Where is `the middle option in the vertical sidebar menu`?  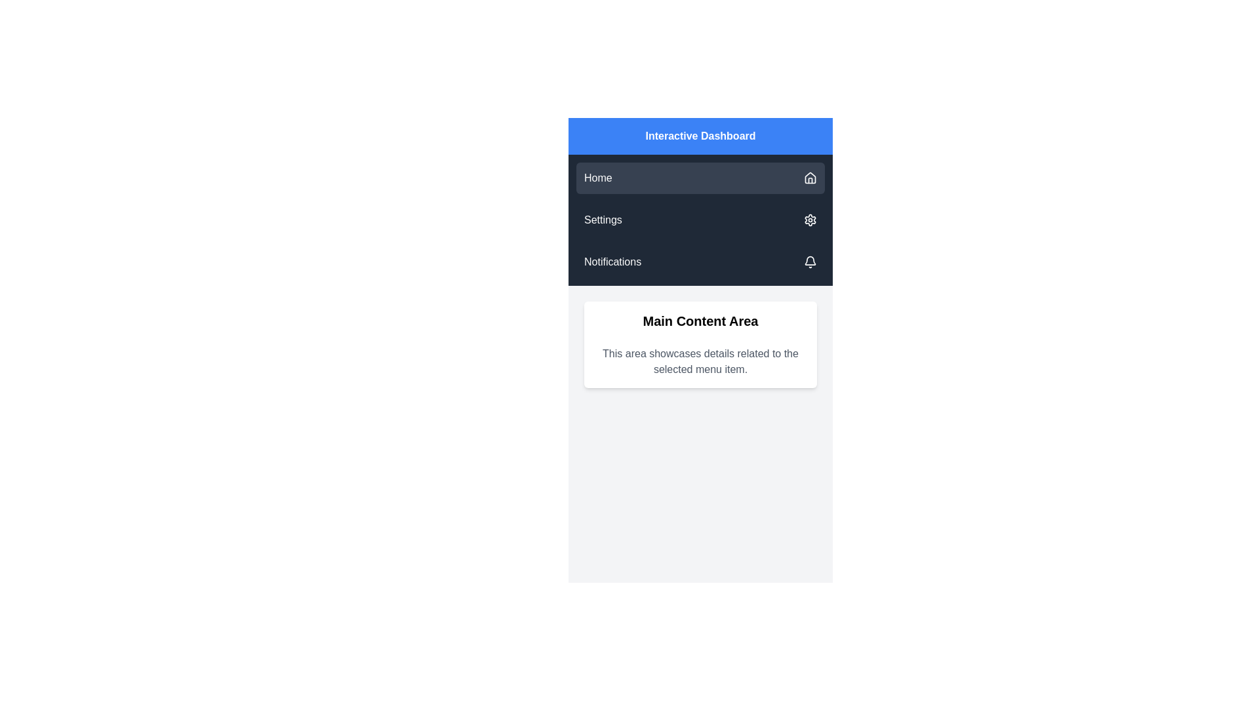 the middle option in the vertical sidebar menu is located at coordinates (700, 219).